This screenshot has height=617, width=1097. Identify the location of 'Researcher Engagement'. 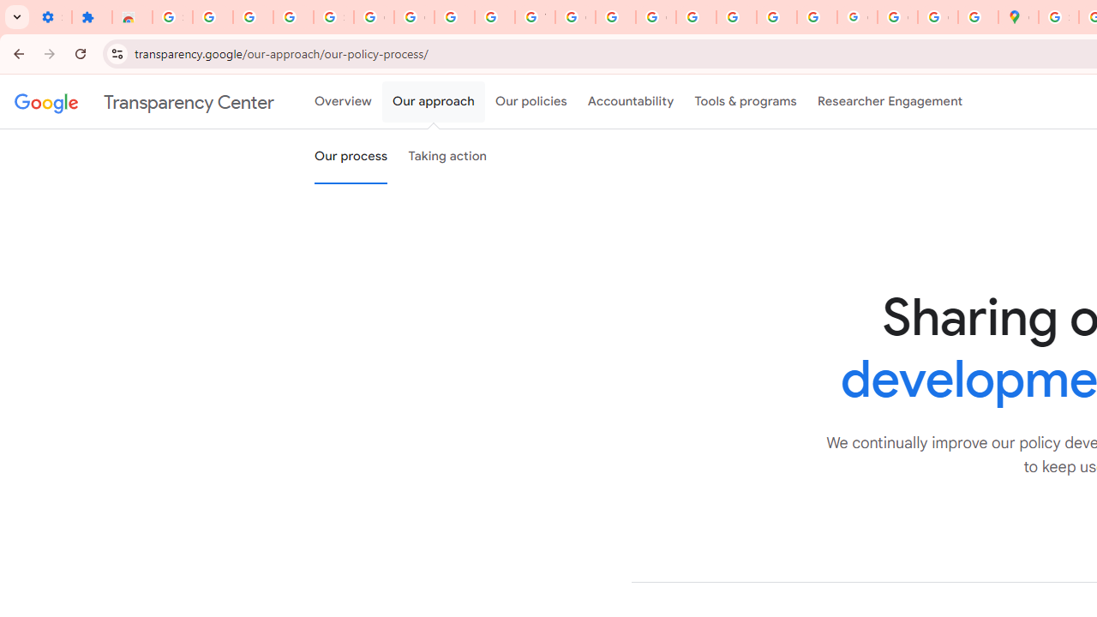
(890, 102).